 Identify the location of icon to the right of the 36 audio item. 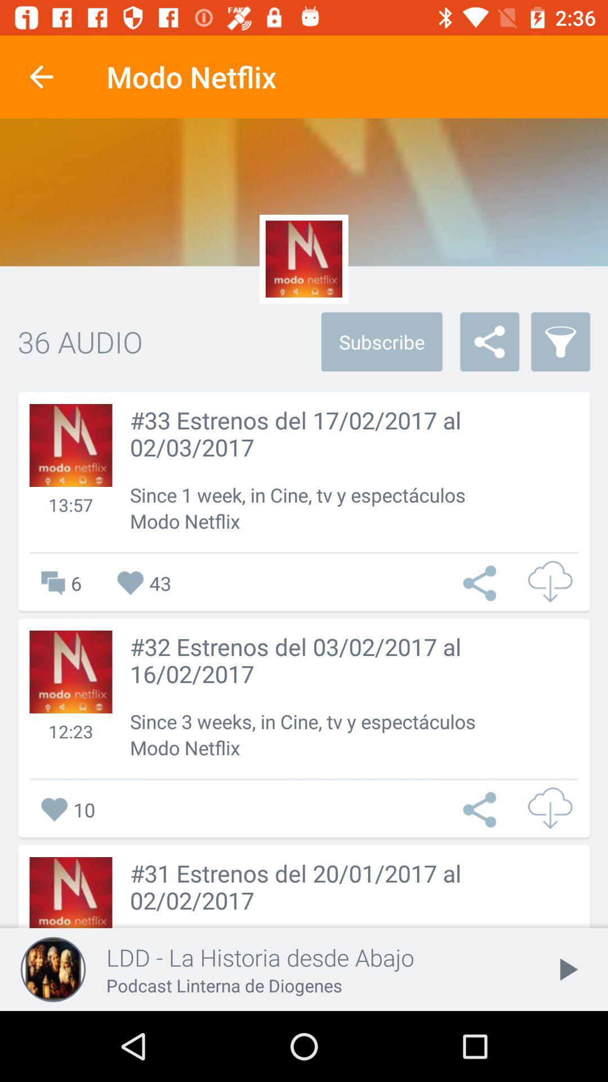
(381, 341).